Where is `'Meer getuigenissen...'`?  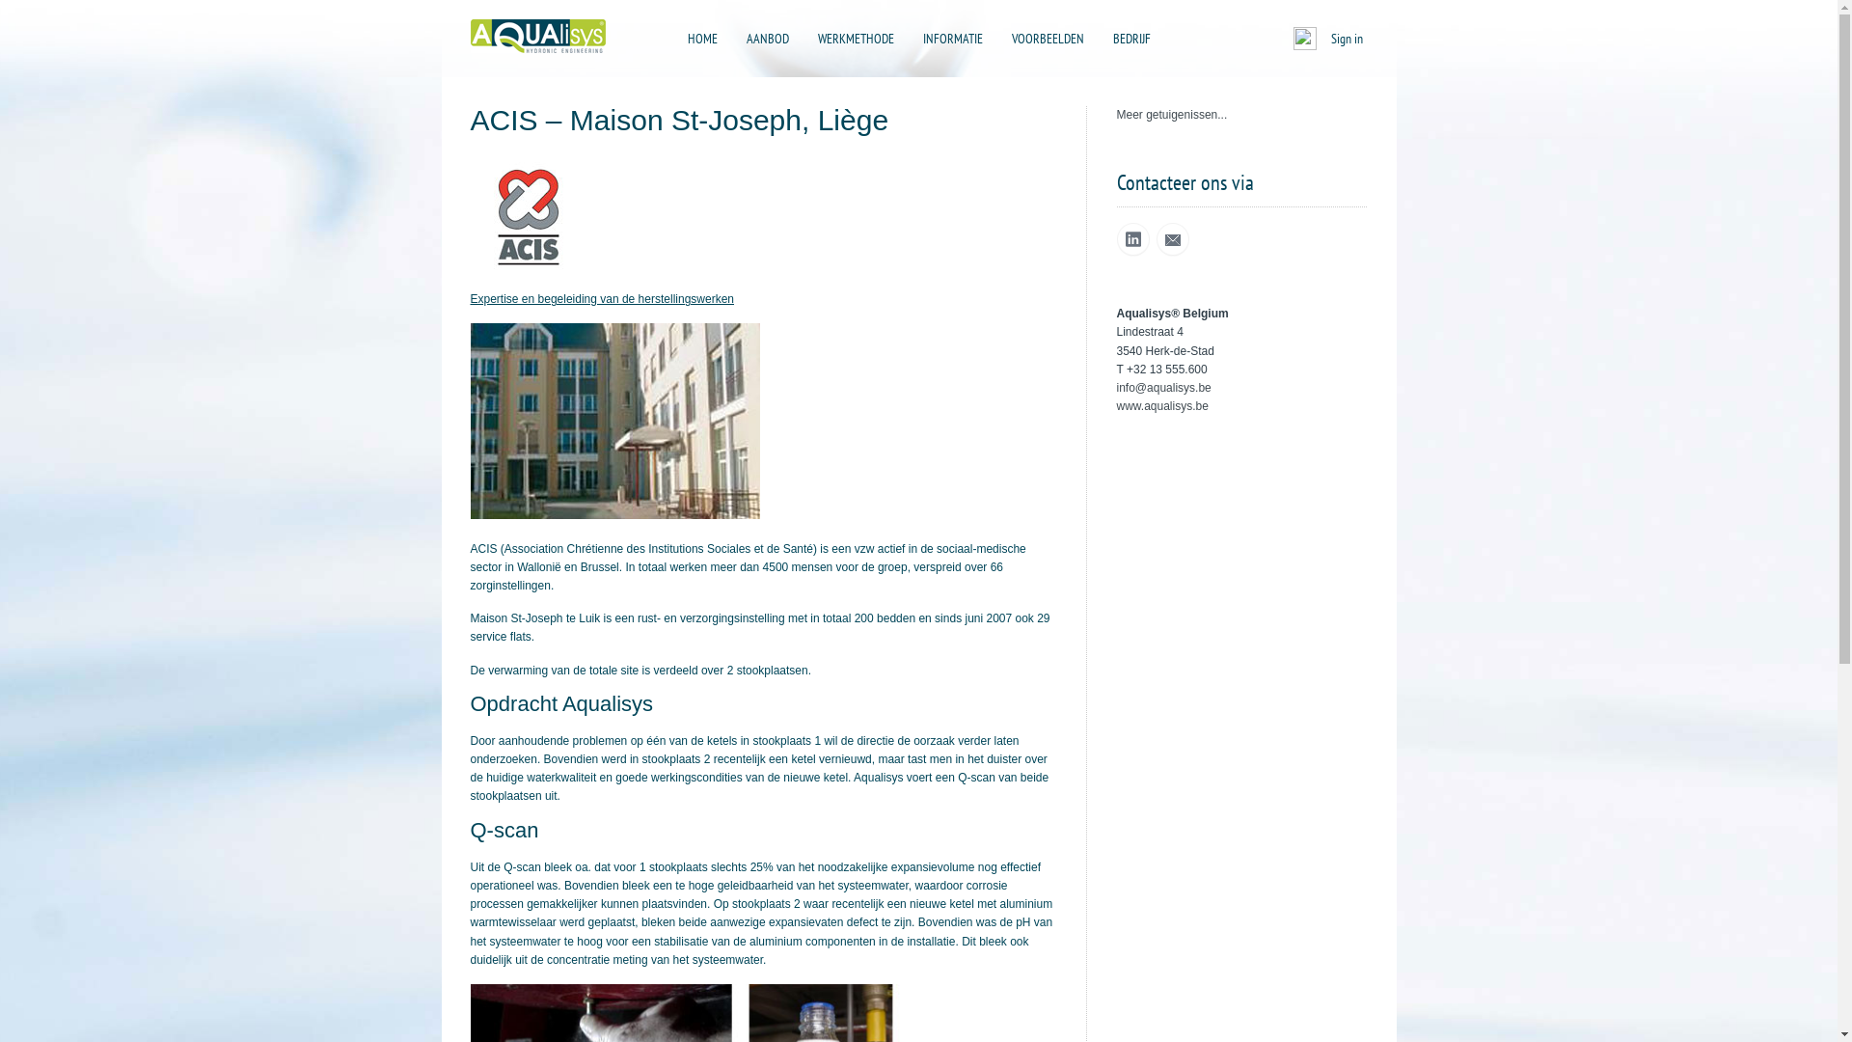 'Meer getuigenissen...' is located at coordinates (1171, 115).